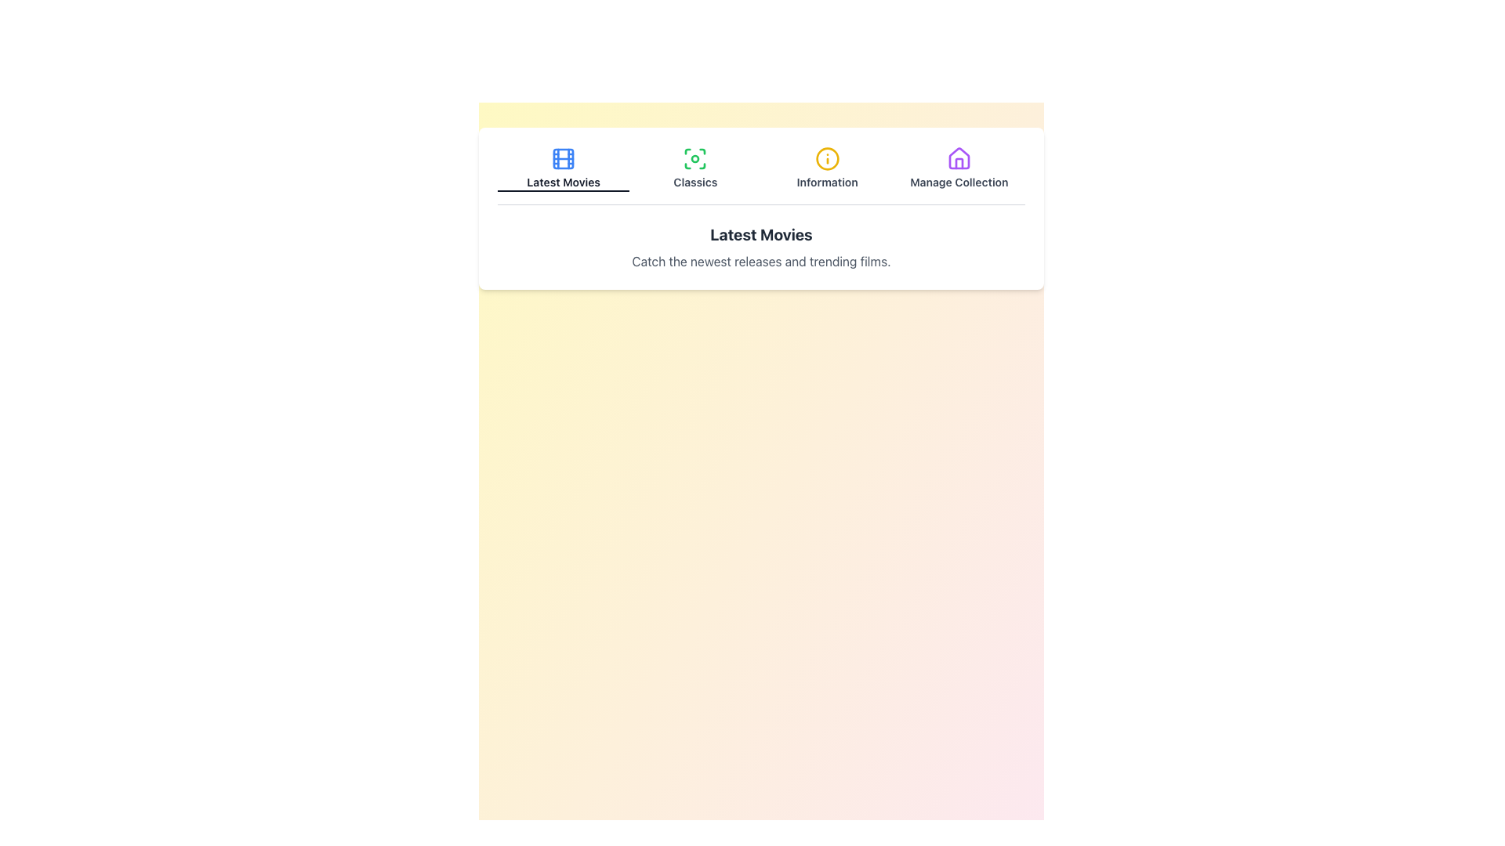  What do you see at coordinates (694, 159) in the screenshot?
I see `the green circular icon with a focus-like ring that is the second icon from the left in the 'Classics' section` at bounding box center [694, 159].